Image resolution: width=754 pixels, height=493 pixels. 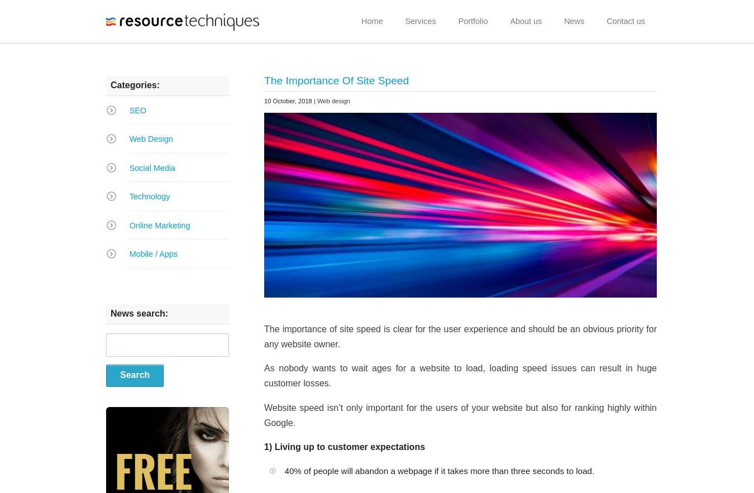 I want to click on 'News search:', so click(x=111, y=313).